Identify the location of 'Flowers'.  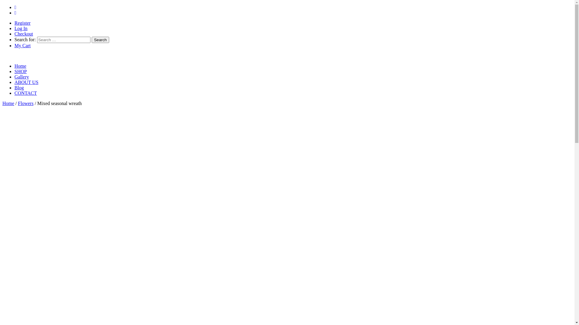
(26, 103).